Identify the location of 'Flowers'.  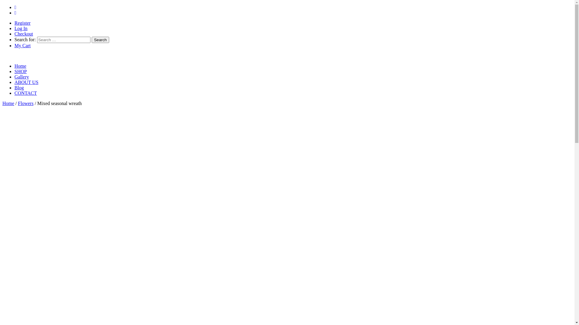
(26, 103).